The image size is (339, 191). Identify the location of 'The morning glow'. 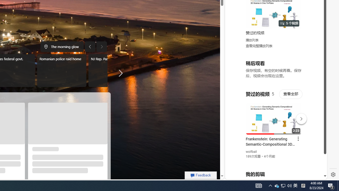
(62, 46).